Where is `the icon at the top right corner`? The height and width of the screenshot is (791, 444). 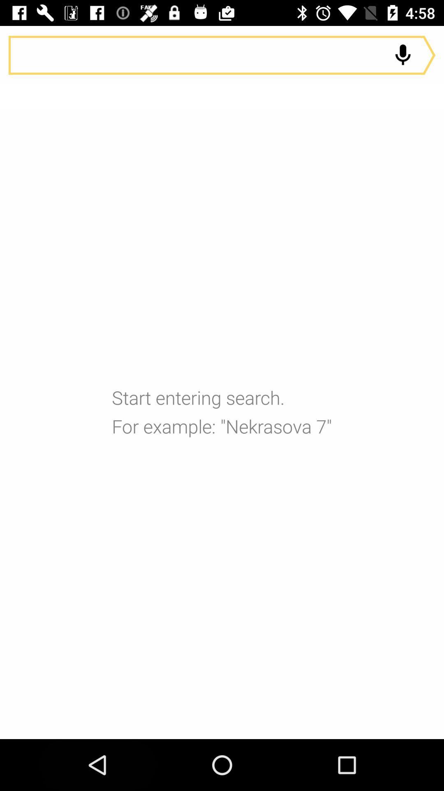 the icon at the top right corner is located at coordinates (402, 55).